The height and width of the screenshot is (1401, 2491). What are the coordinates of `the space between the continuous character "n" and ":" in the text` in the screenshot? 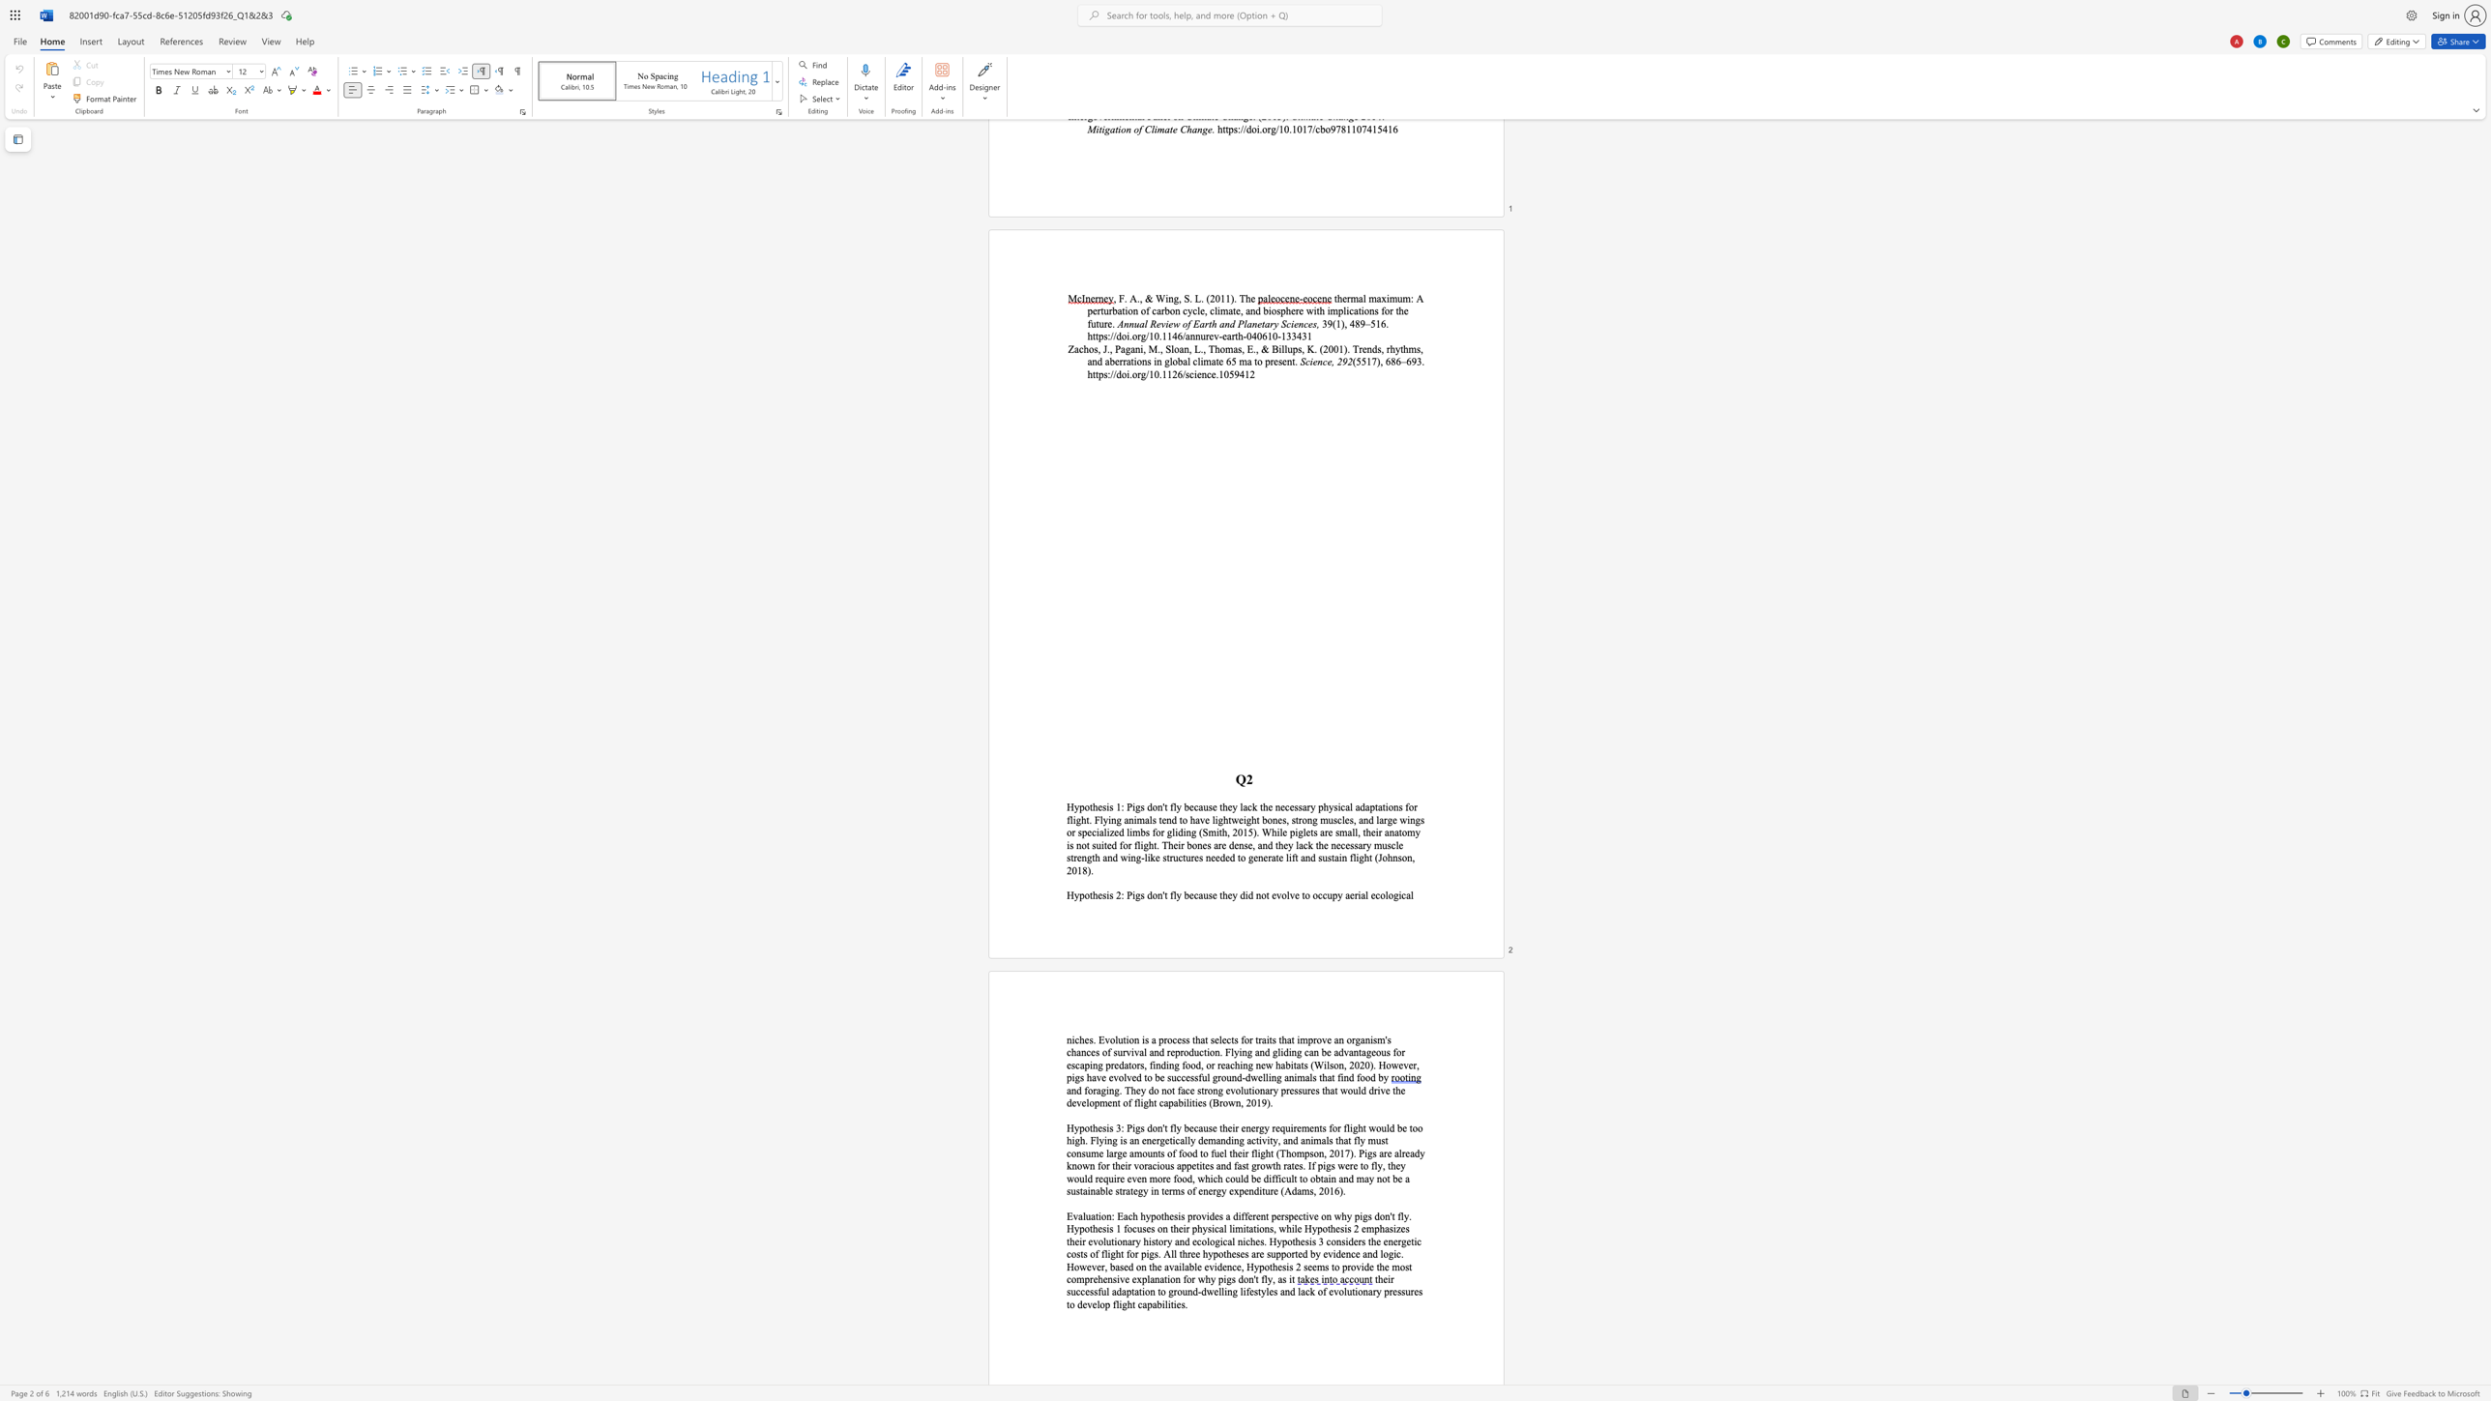 It's located at (1110, 1215).